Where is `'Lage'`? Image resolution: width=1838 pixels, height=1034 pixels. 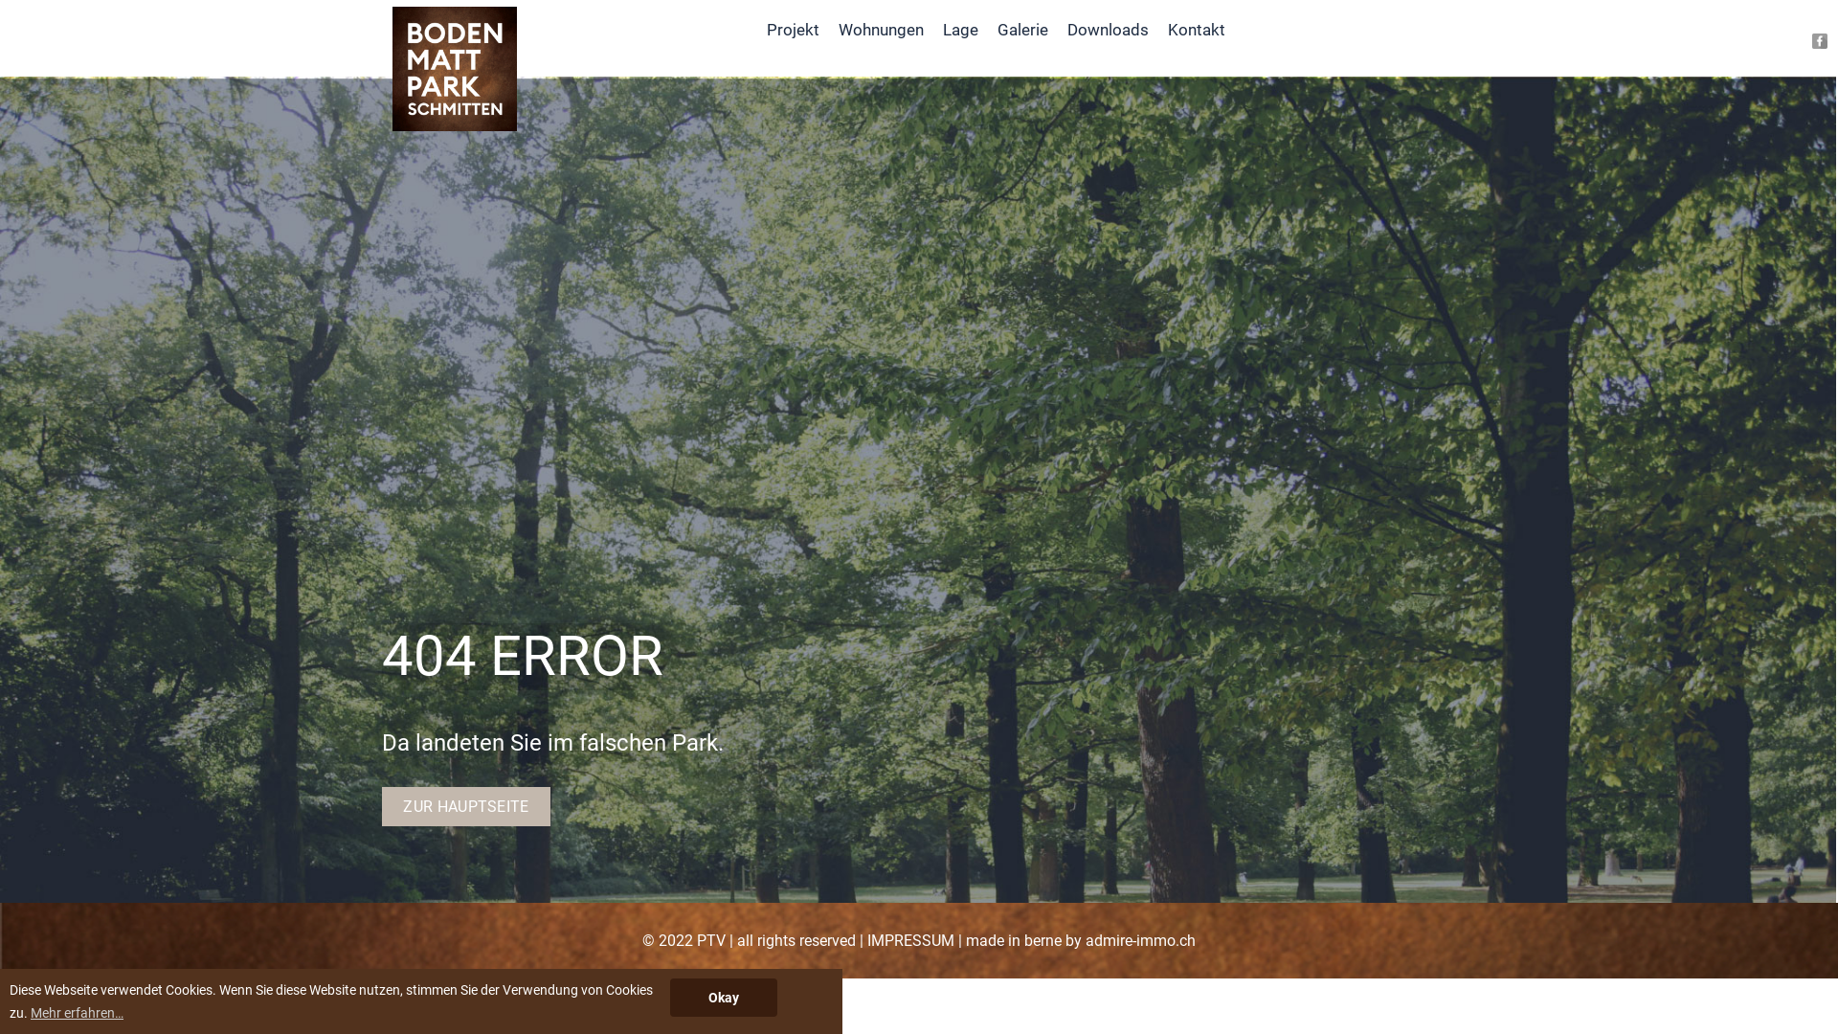 'Lage' is located at coordinates (960, 29).